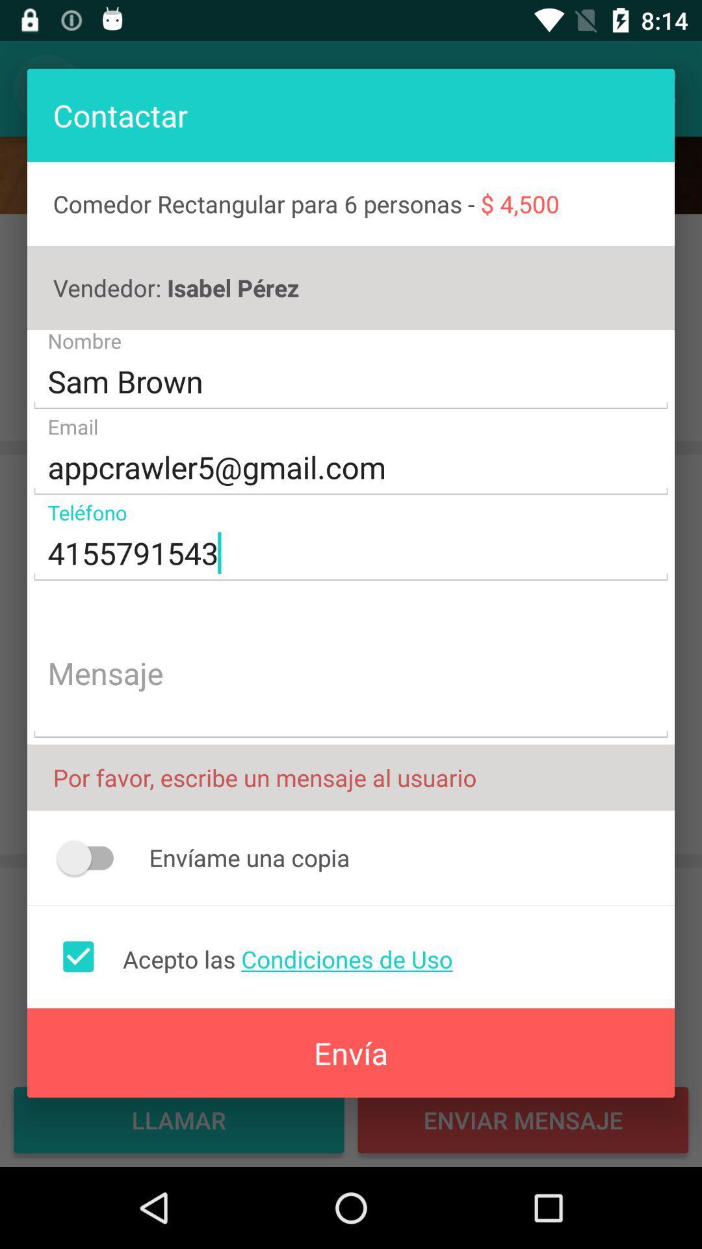  I want to click on appcrawler5@gmail.com, so click(351, 468).